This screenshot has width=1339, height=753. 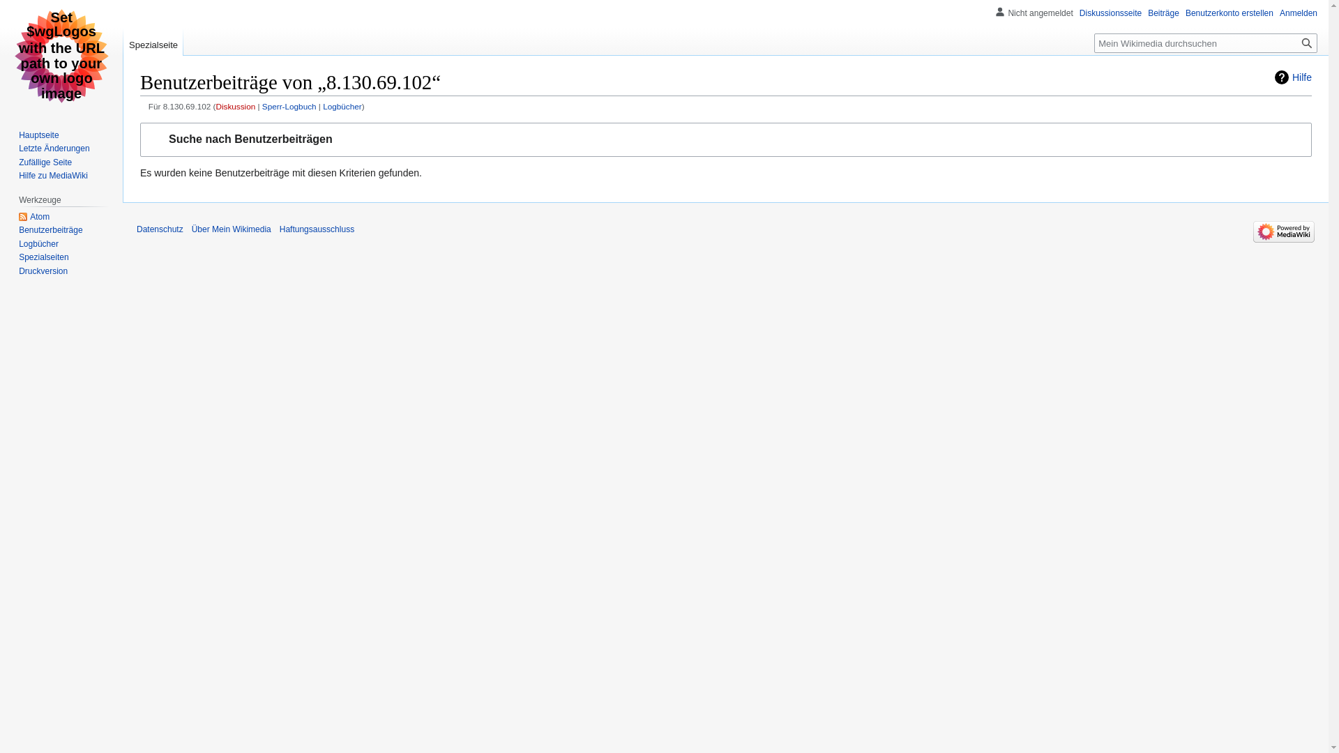 What do you see at coordinates (1279, 13) in the screenshot?
I see `'Anmelden'` at bounding box center [1279, 13].